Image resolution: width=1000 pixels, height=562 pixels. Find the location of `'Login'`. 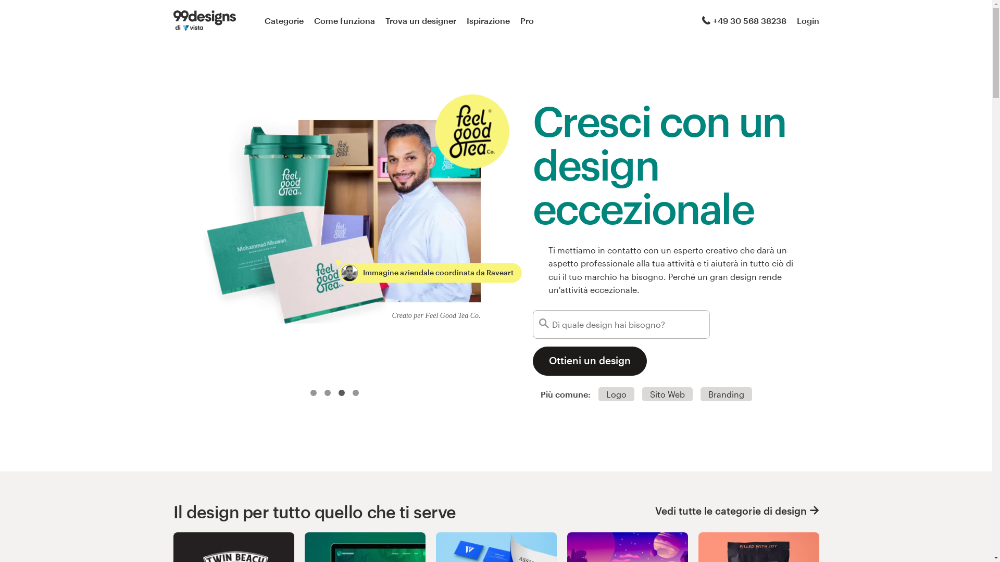

'Login' is located at coordinates (807, 20).